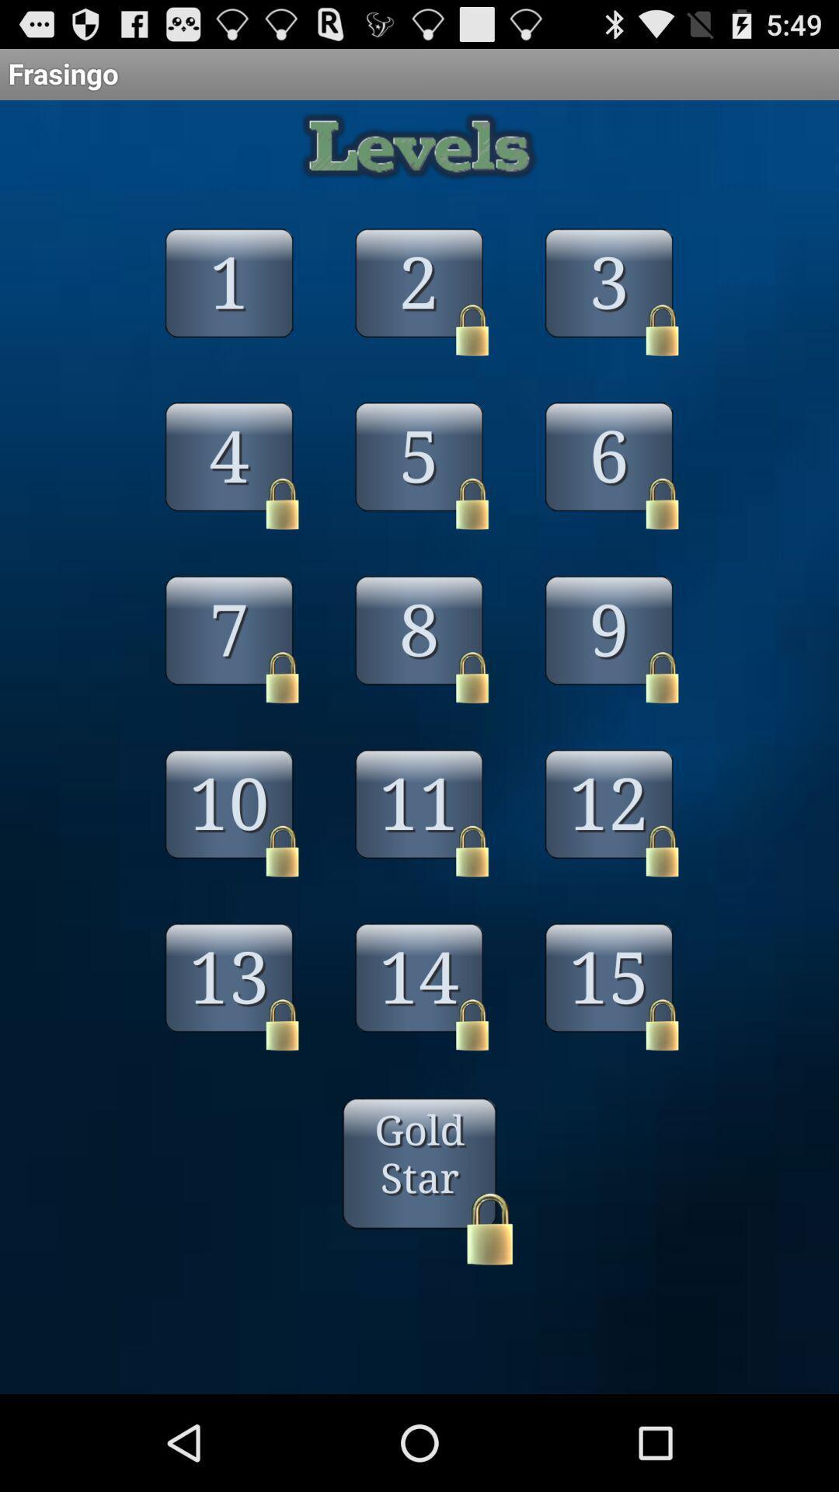 The height and width of the screenshot is (1492, 839). What do you see at coordinates (662, 329) in the screenshot?
I see `the lock image below 3 on the web page` at bounding box center [662, 329].